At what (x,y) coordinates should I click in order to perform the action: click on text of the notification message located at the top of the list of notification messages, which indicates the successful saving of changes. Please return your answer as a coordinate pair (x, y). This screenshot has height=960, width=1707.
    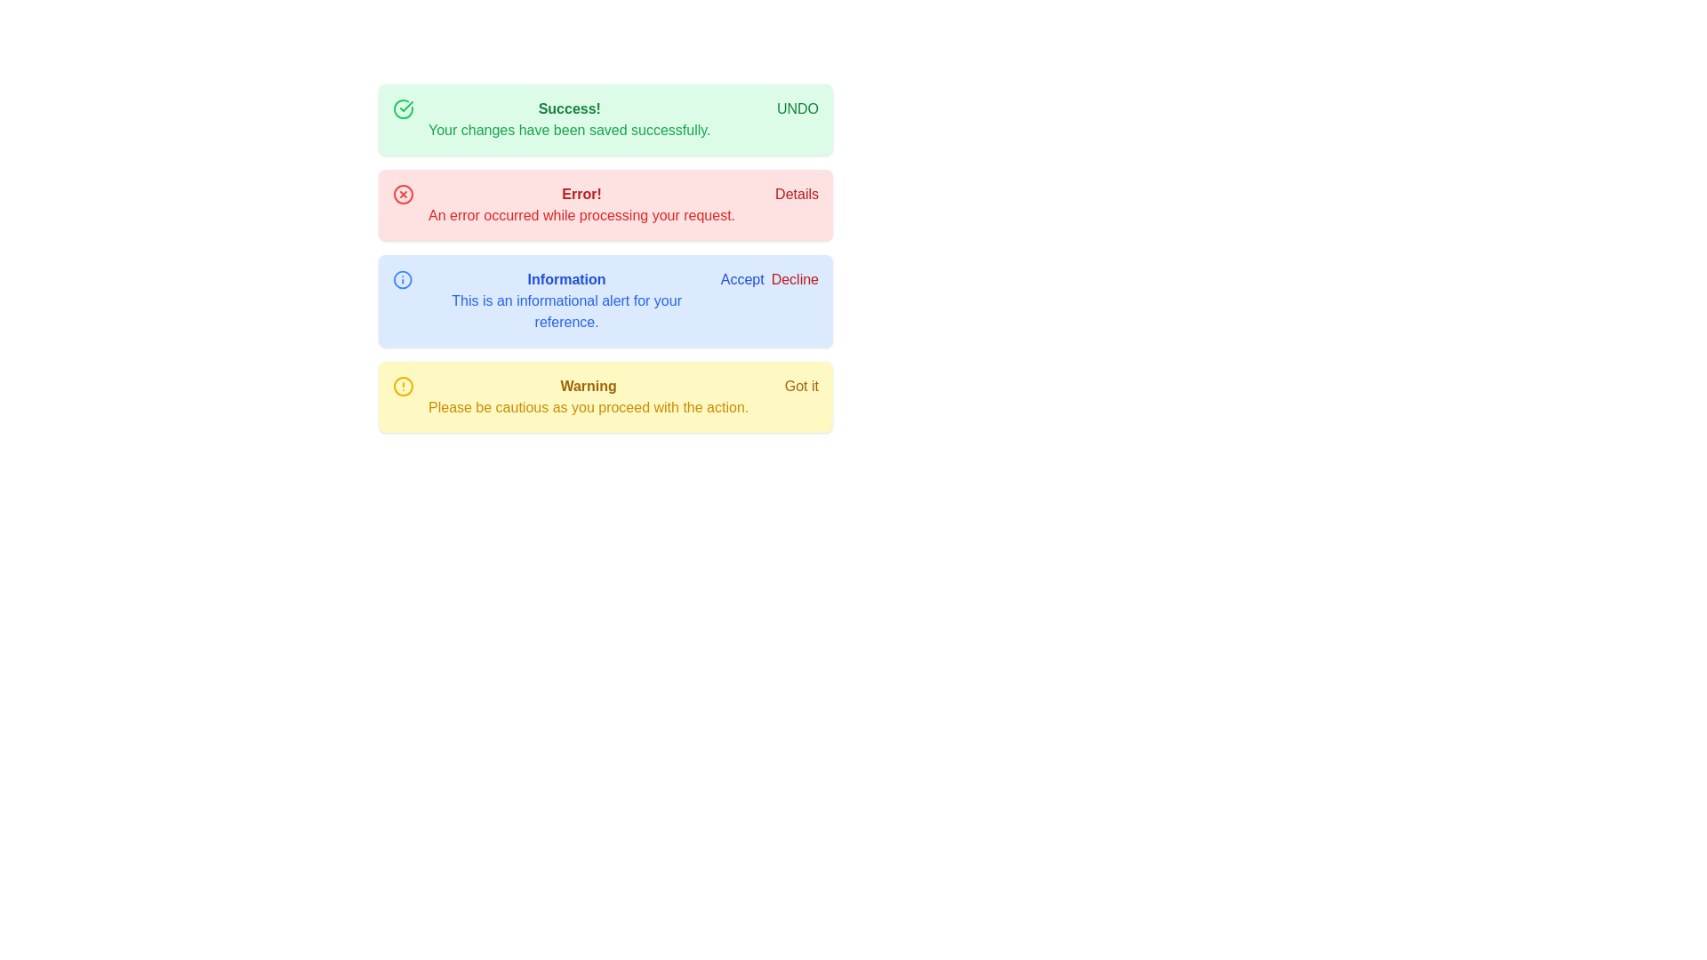
    Looking at the image, I should click on (569, 120).